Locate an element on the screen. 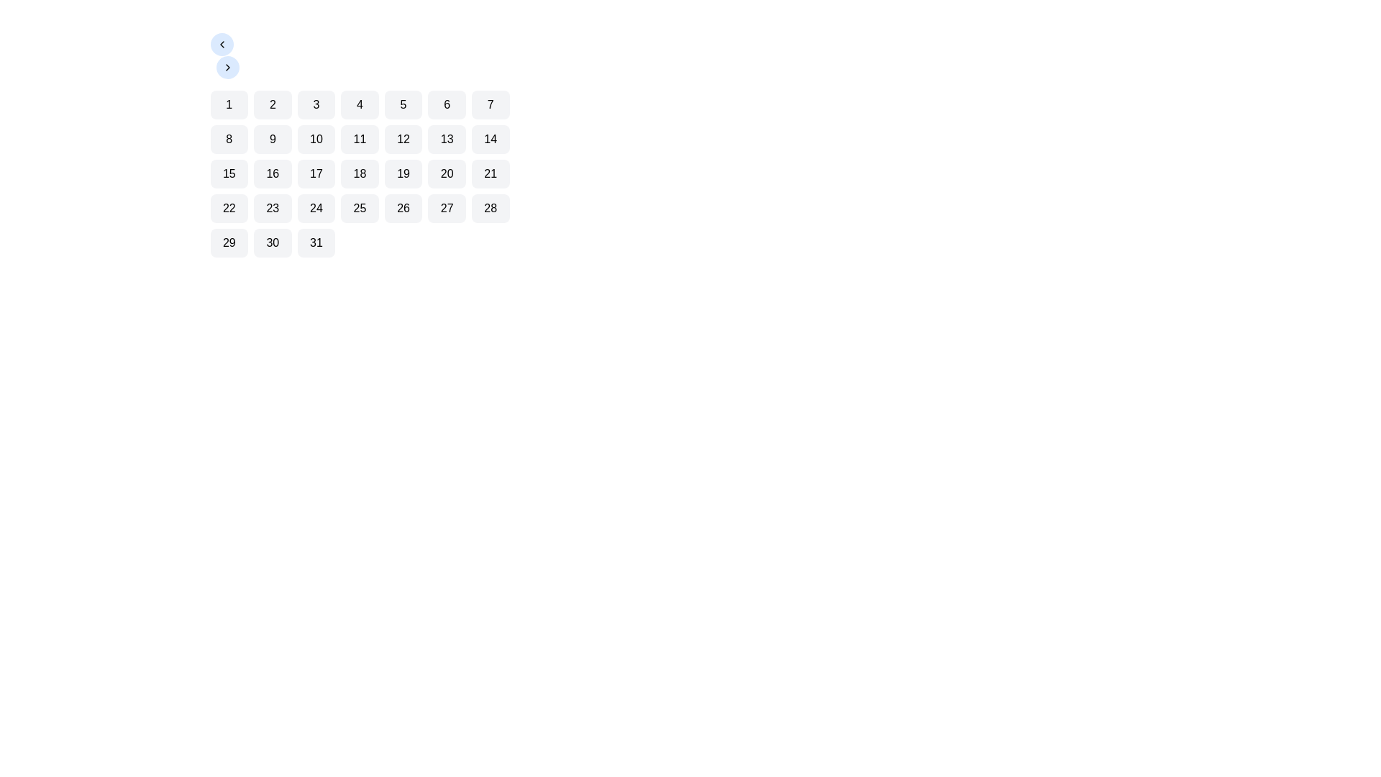 The width and height of the screenshot is (1381, 777). the calendar day grid cell representing the 14th of the month, located in the second row and seventh column of the grid is located at coordinates (491, 139).